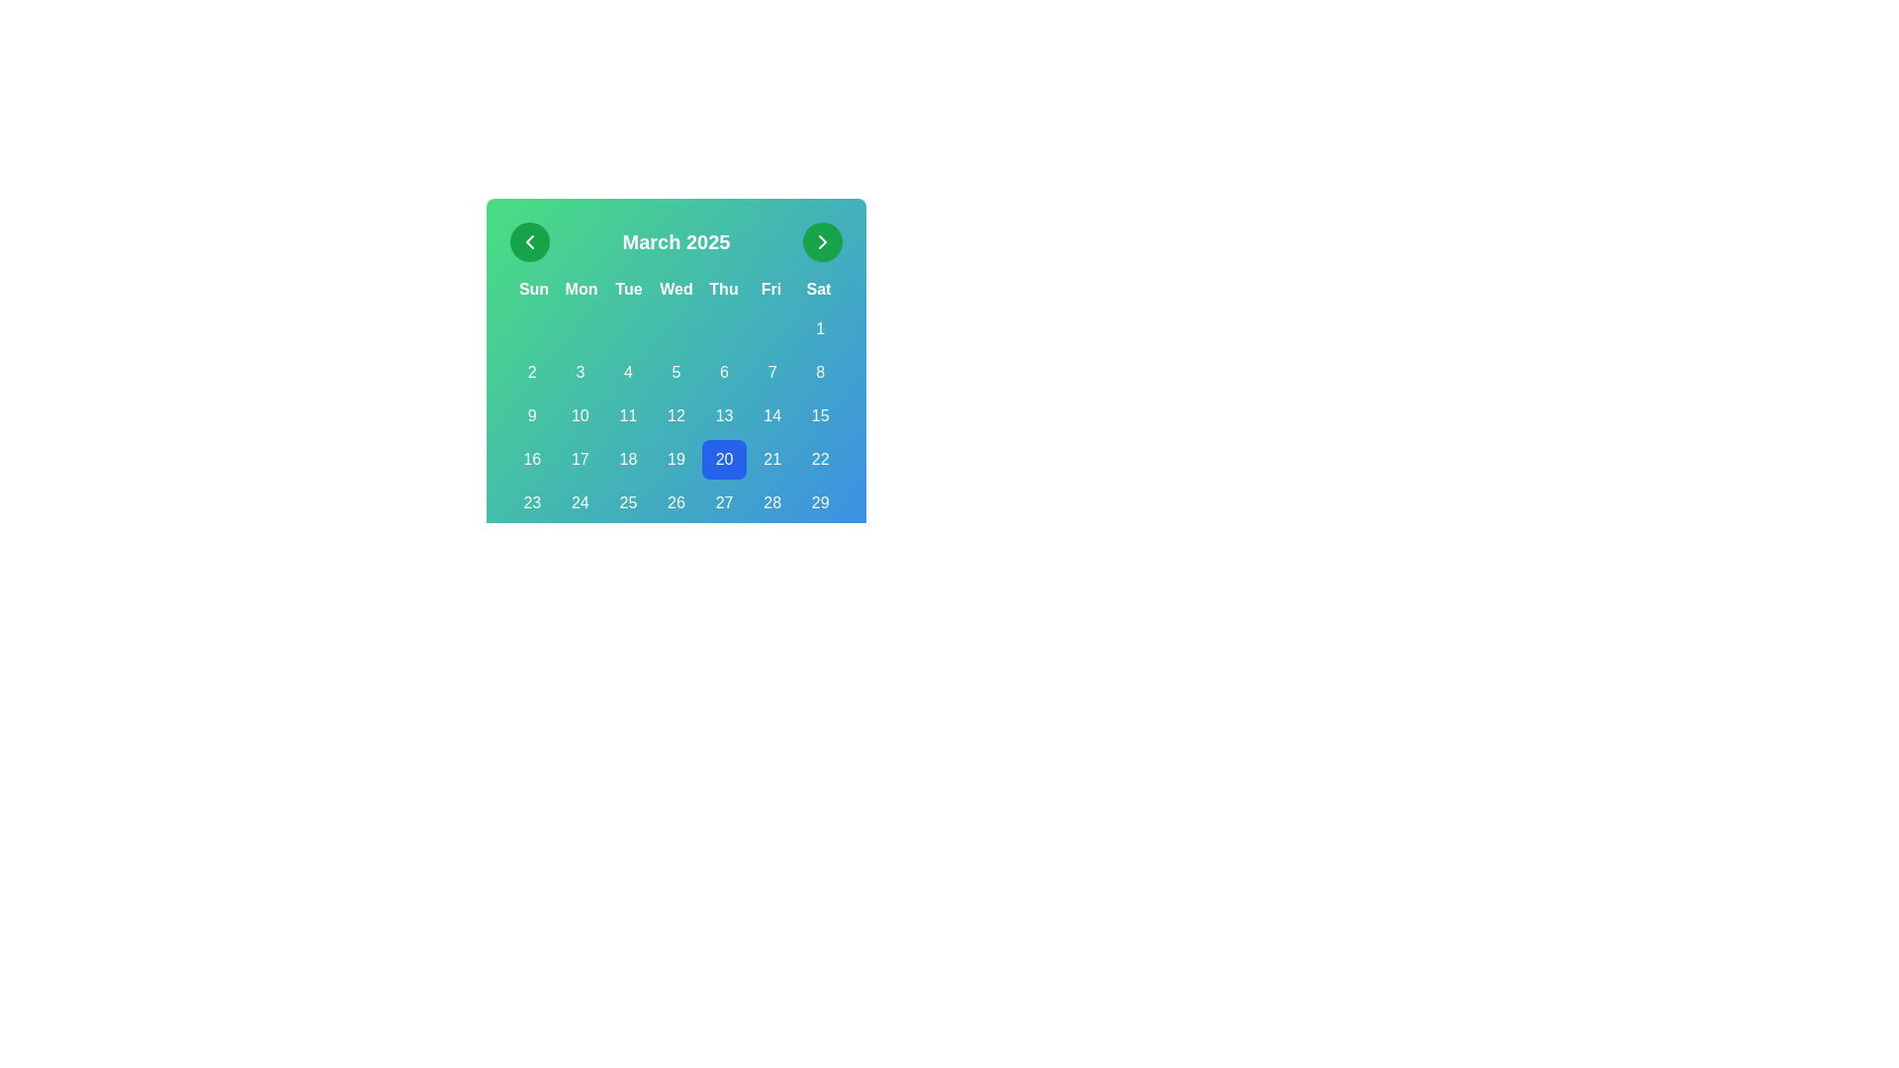 This screenshot has width=1899, height=1068. What do you see at coordinates (677, 241) in the screenshot?
I see `the static text header displaying 'March 2025' in the center of the calendar interface` at bounding box center [677, 241].